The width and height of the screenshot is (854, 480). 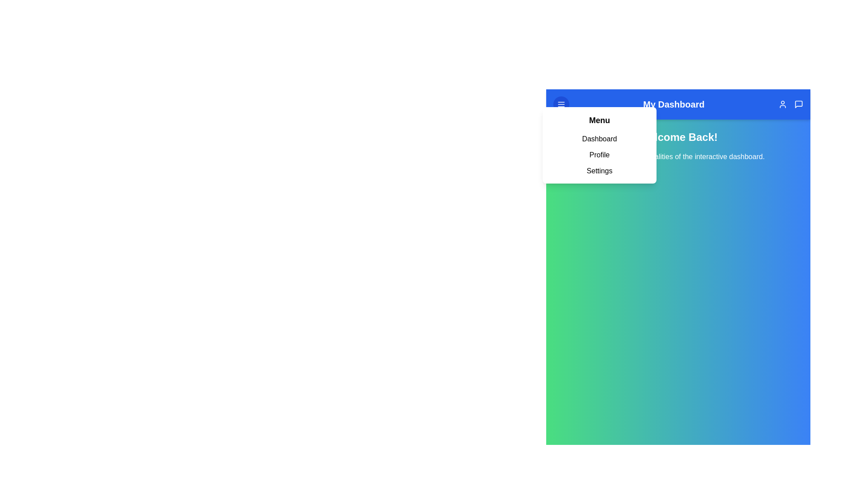 What do you see at coordinates (600, 154) in the screenshot?
I see `the menu option Profile from the menu` at bounding box center [600, 154].